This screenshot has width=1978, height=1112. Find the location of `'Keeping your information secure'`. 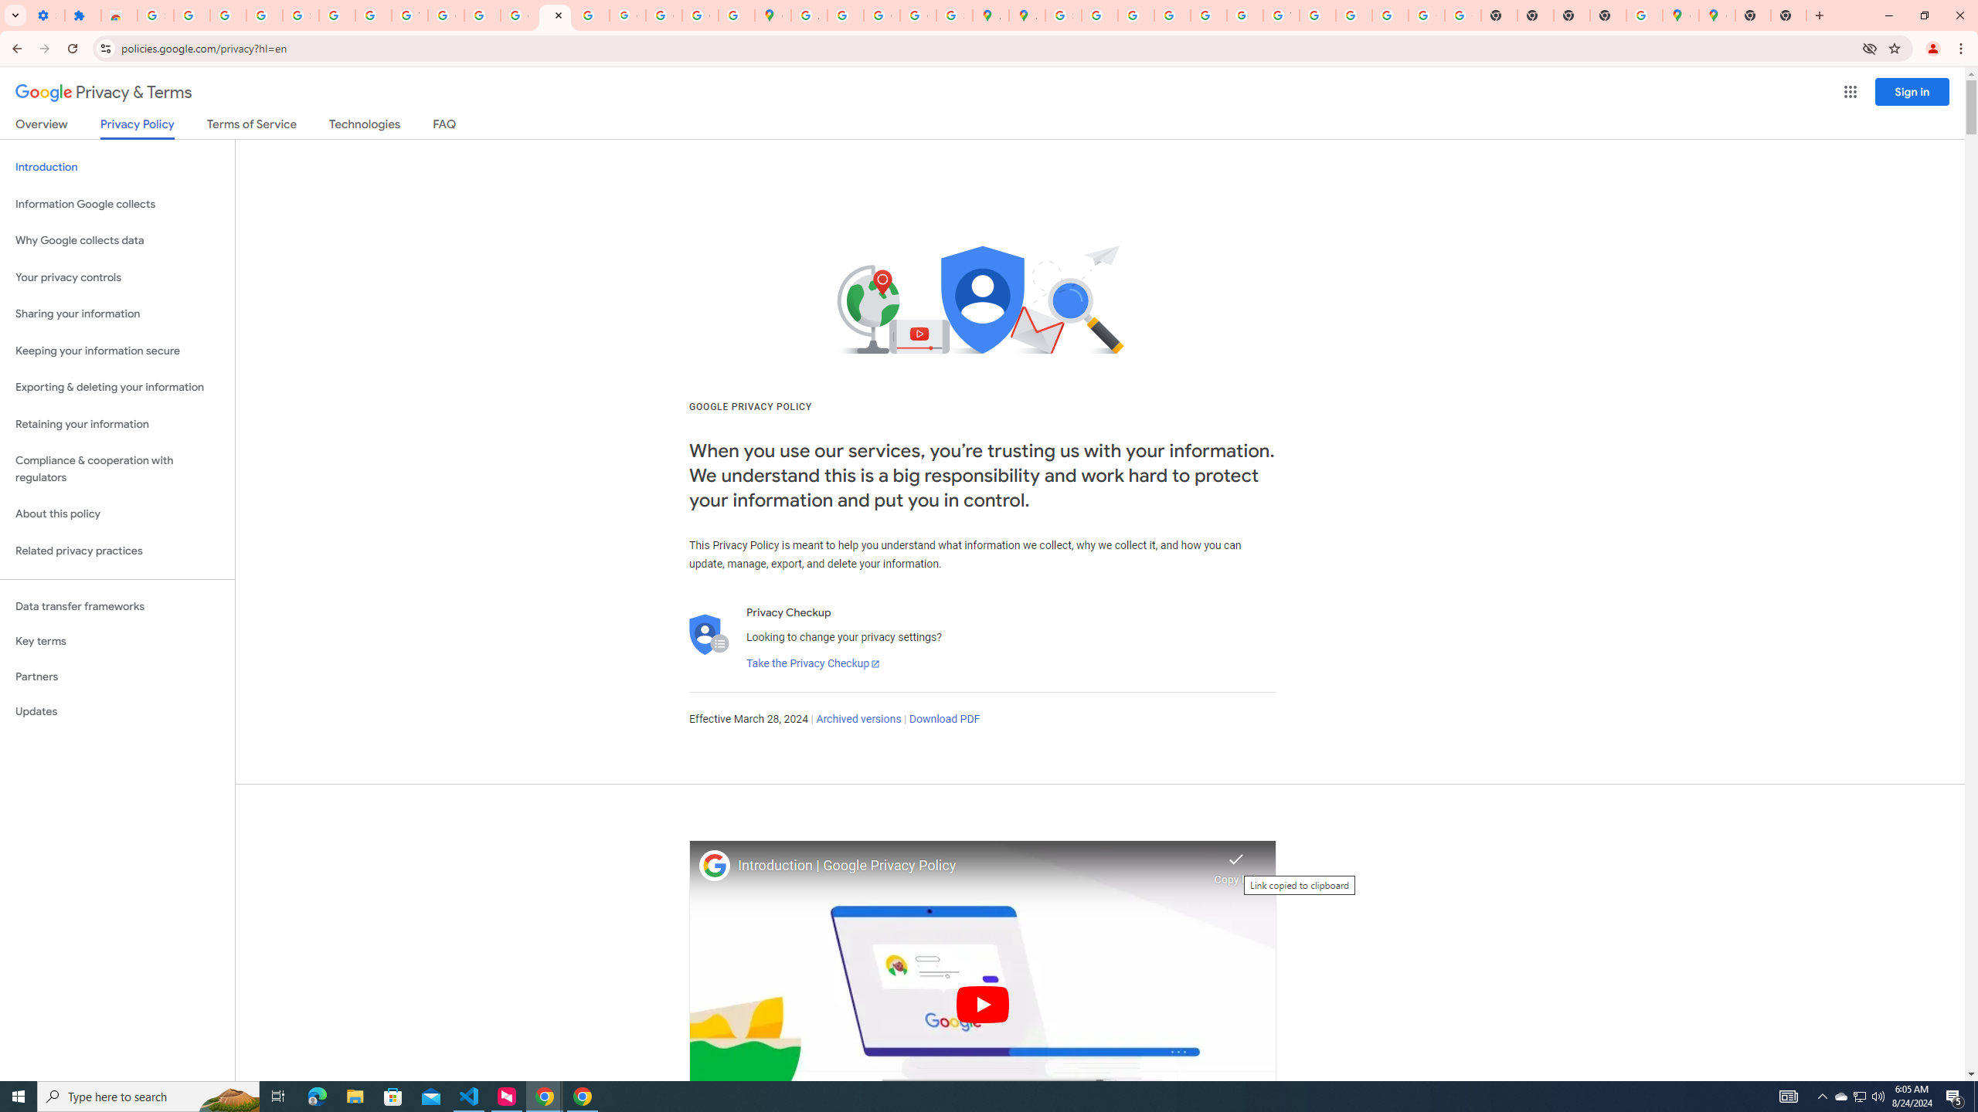

'Keeping your information secure' is located at coordinates (117, 351).